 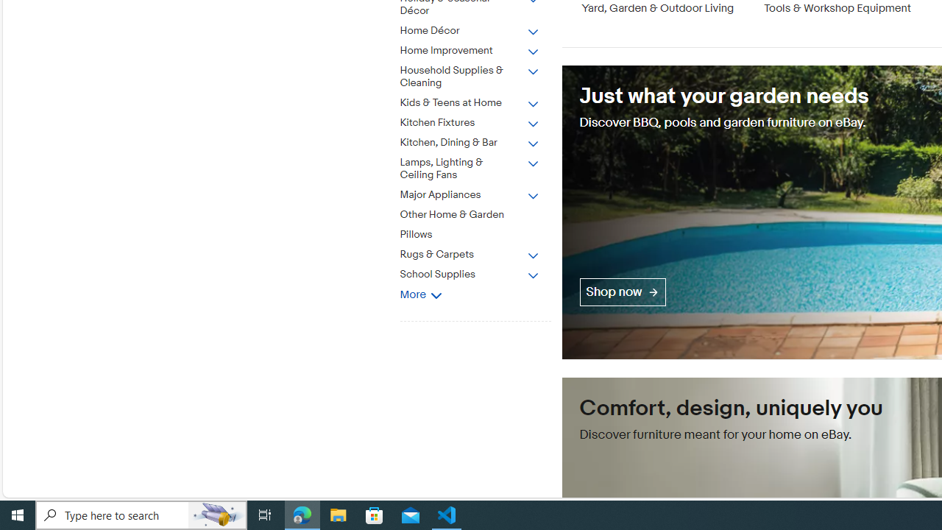 I want to click on 'Pillows', so click(x=469, y=234).